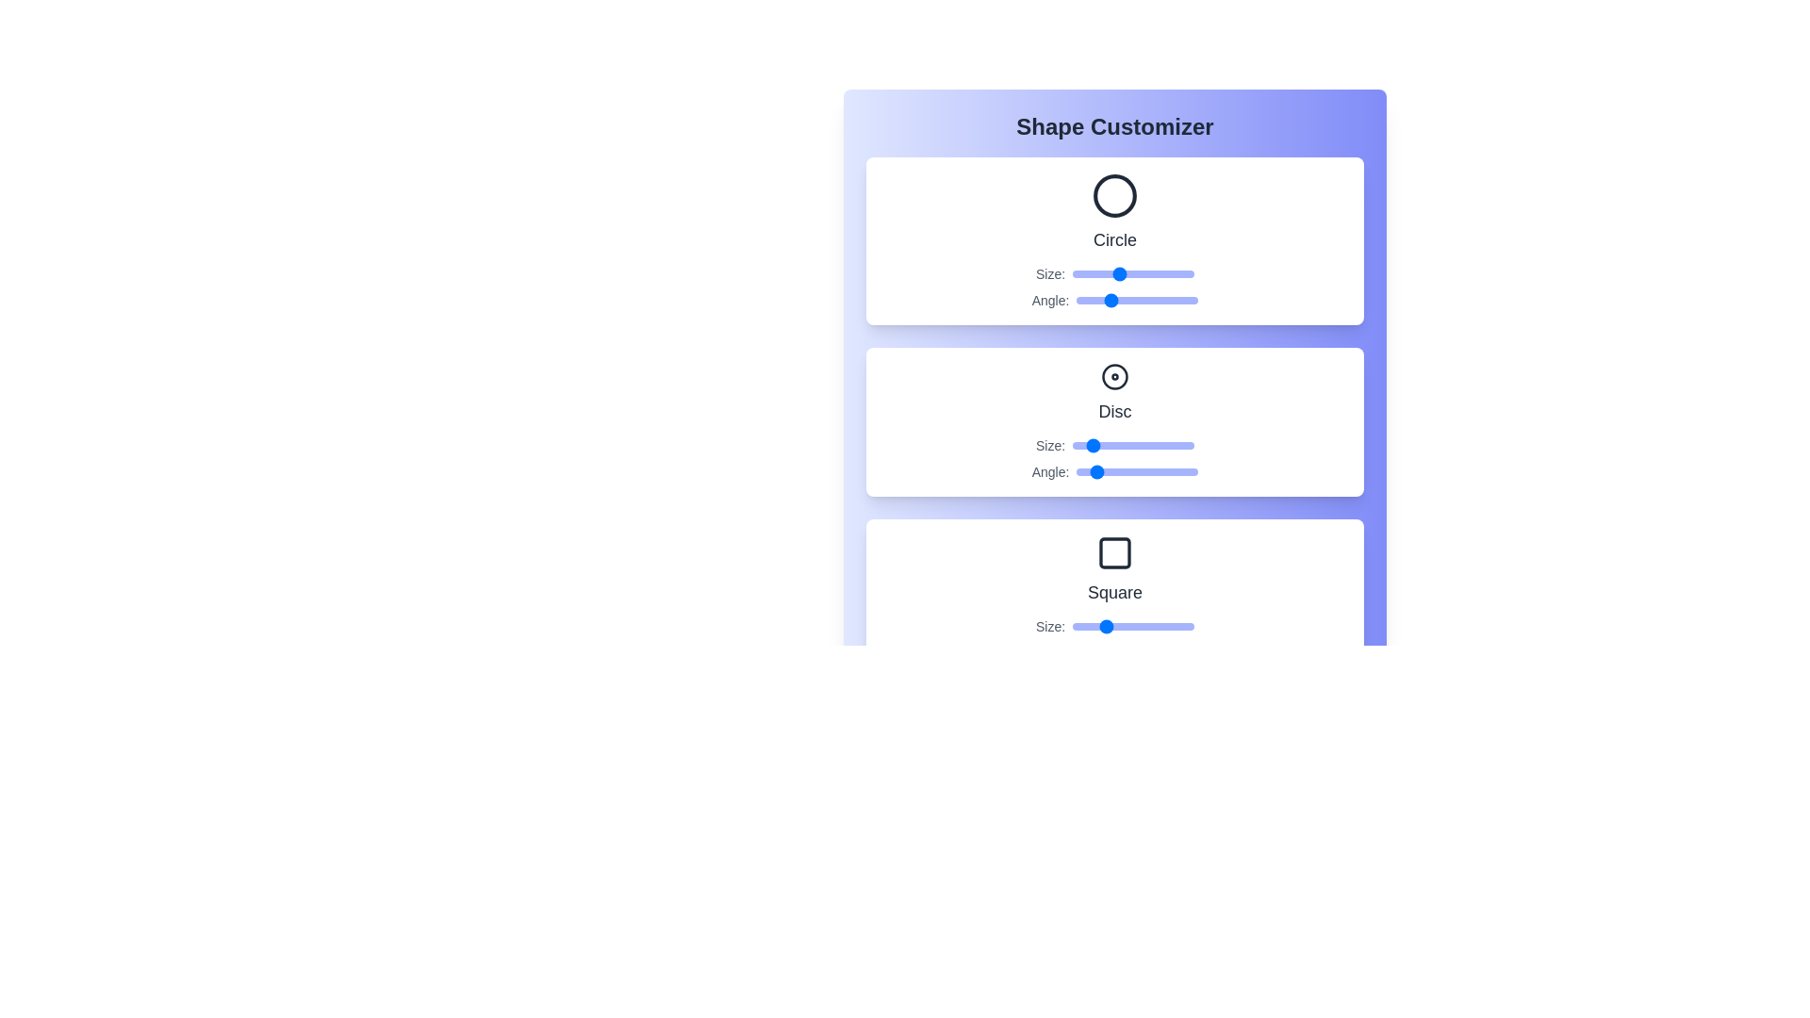 This screenshot has height=1018, width=1810. Describe the element at coordinates (1077, 652) in the screenshot. I see `the Square's angle slider to 0 degrees` at that location.